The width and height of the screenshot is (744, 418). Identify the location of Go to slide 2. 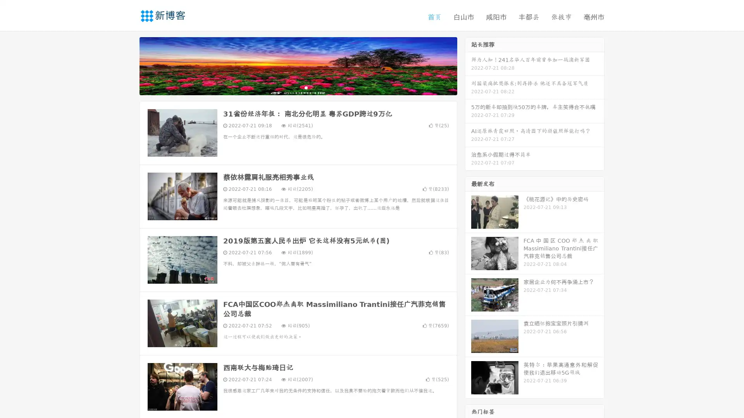
(298, 87).